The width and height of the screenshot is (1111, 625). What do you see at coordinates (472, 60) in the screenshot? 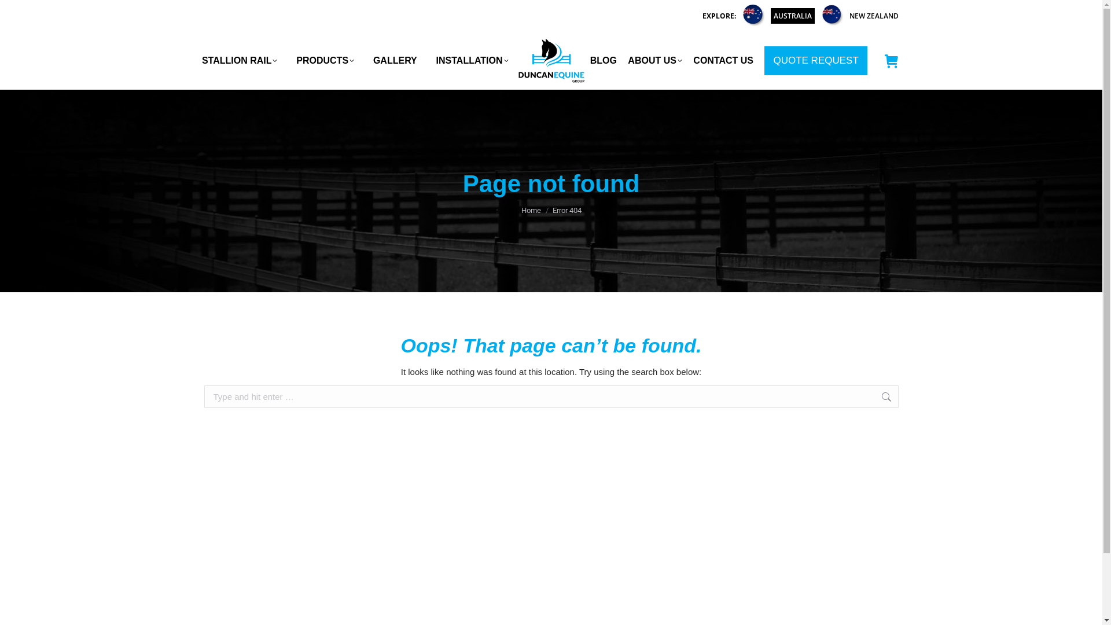
I see `'INSTALLATION'` at bounding box center [472, 60].